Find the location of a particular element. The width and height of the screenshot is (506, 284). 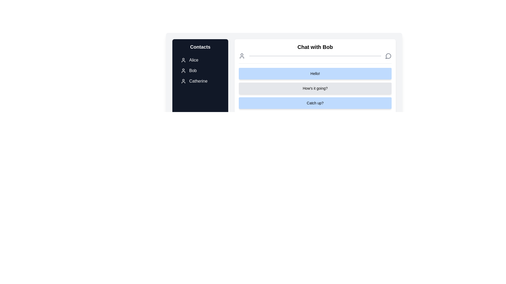

the SVG user silhouette icon associated with the list entry labeled 'Bob' in the contact list is located at coordinates (183, 70).